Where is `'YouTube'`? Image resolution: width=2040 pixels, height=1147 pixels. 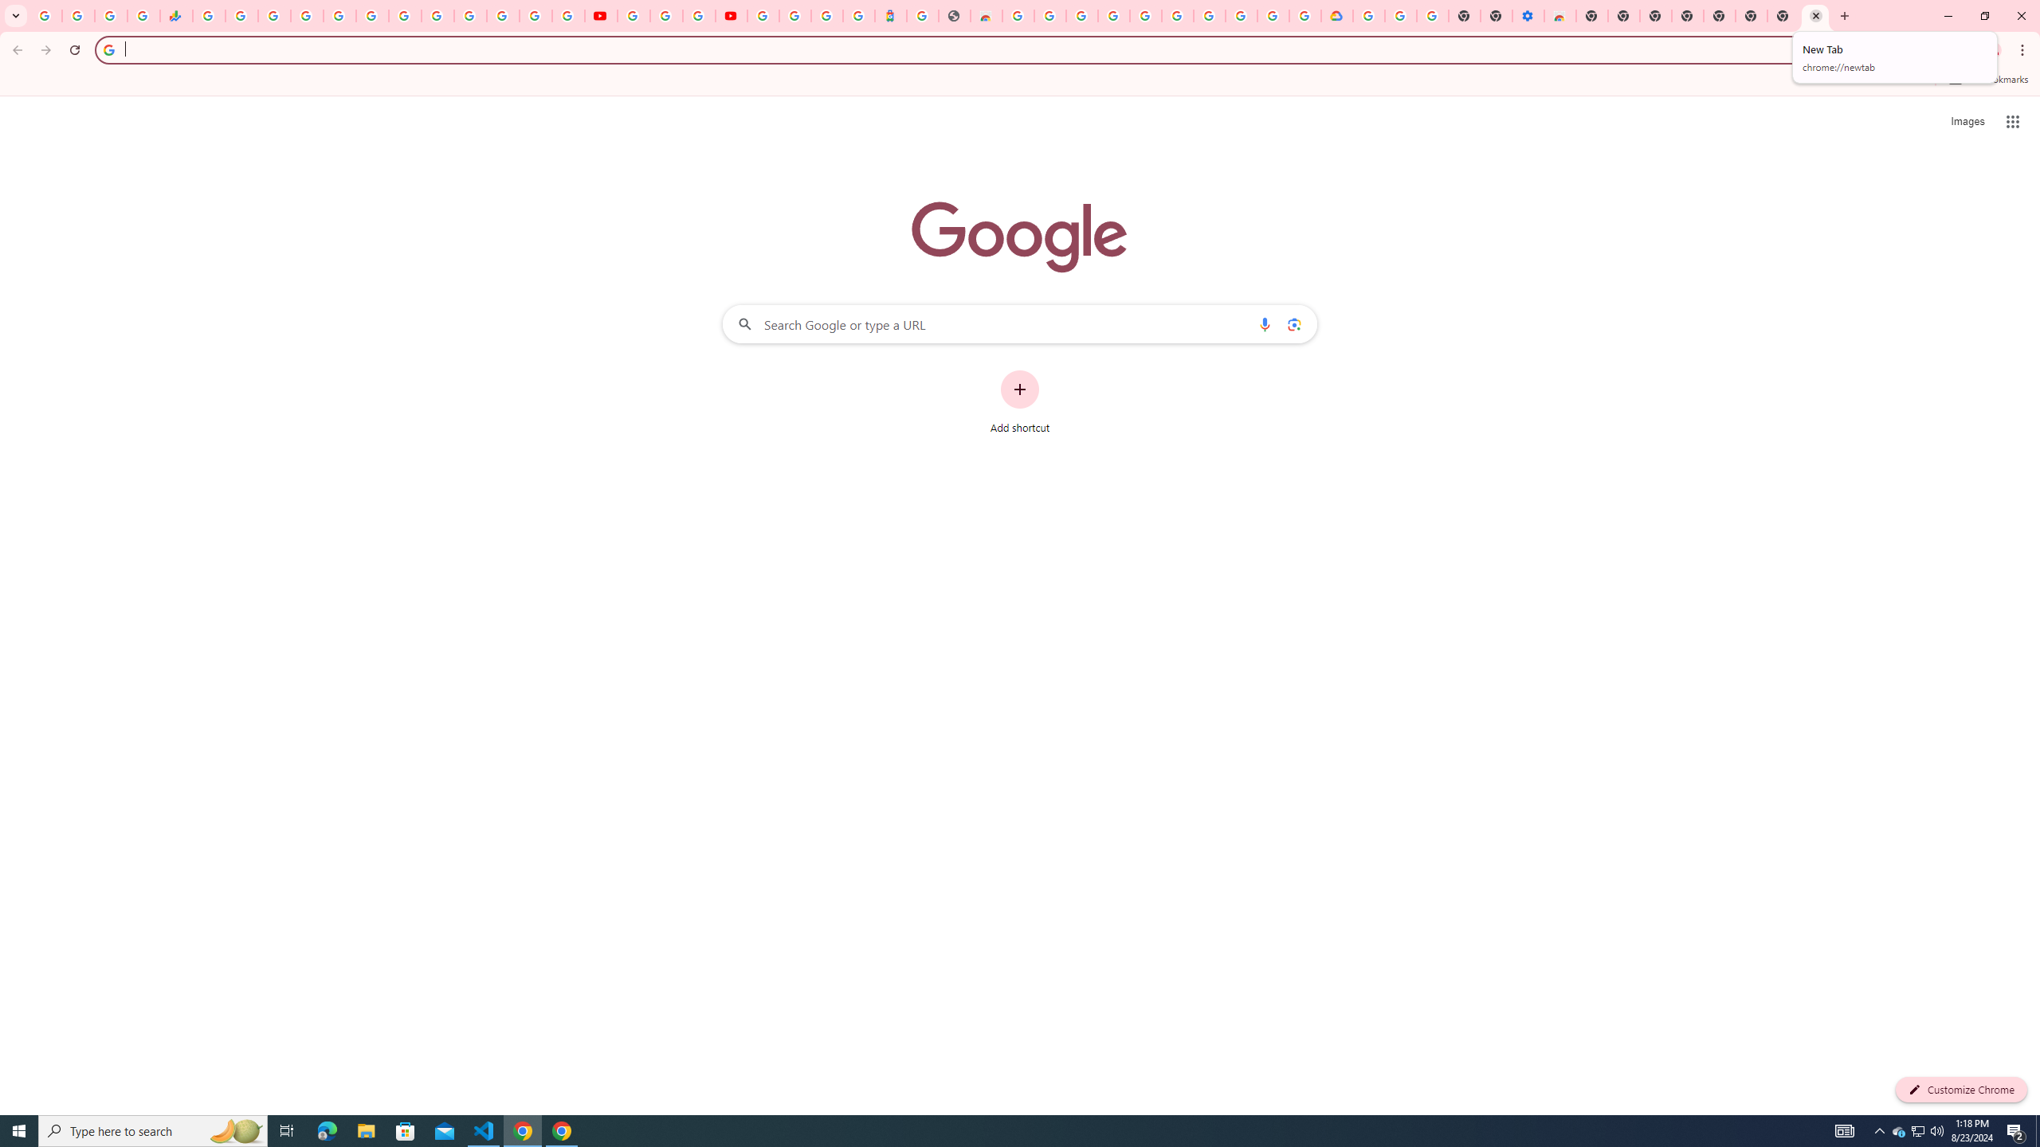 'YouTube' is located at coordinates (600, 15).